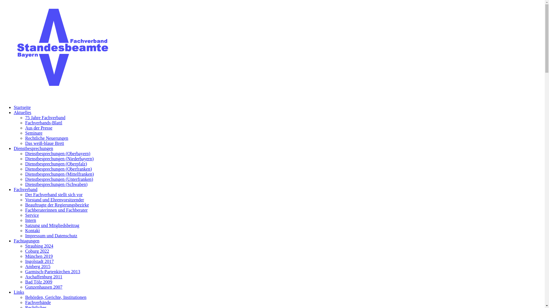 The height and width of the screenshot is (308, 549). Describe the element at coordinates (37, 251) in the screenshot. I see `'Coburg 2022'` at that location.